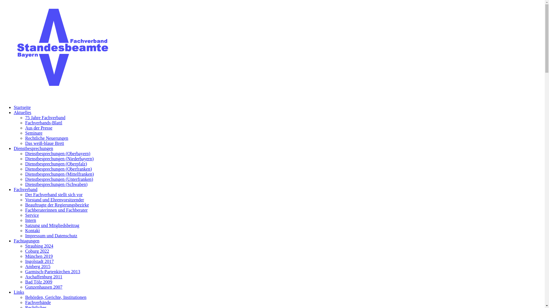 The height and width of the screenshot is (308, 549). Describe the element at coordinates (37, 251) in the screenshot. I see `'Coburg 2022'` at that location.